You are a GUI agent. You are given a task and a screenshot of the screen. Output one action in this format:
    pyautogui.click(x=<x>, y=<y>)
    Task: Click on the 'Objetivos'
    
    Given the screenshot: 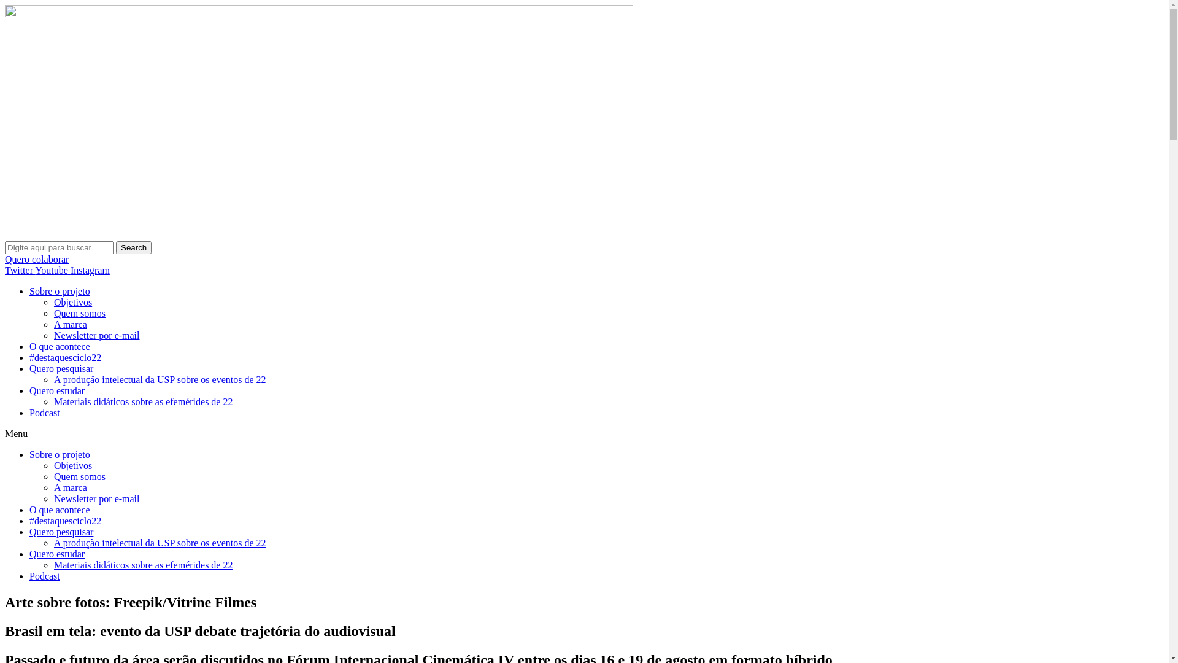 What is the action you would take?
    pyautogui.click(x=72, y=465)
    